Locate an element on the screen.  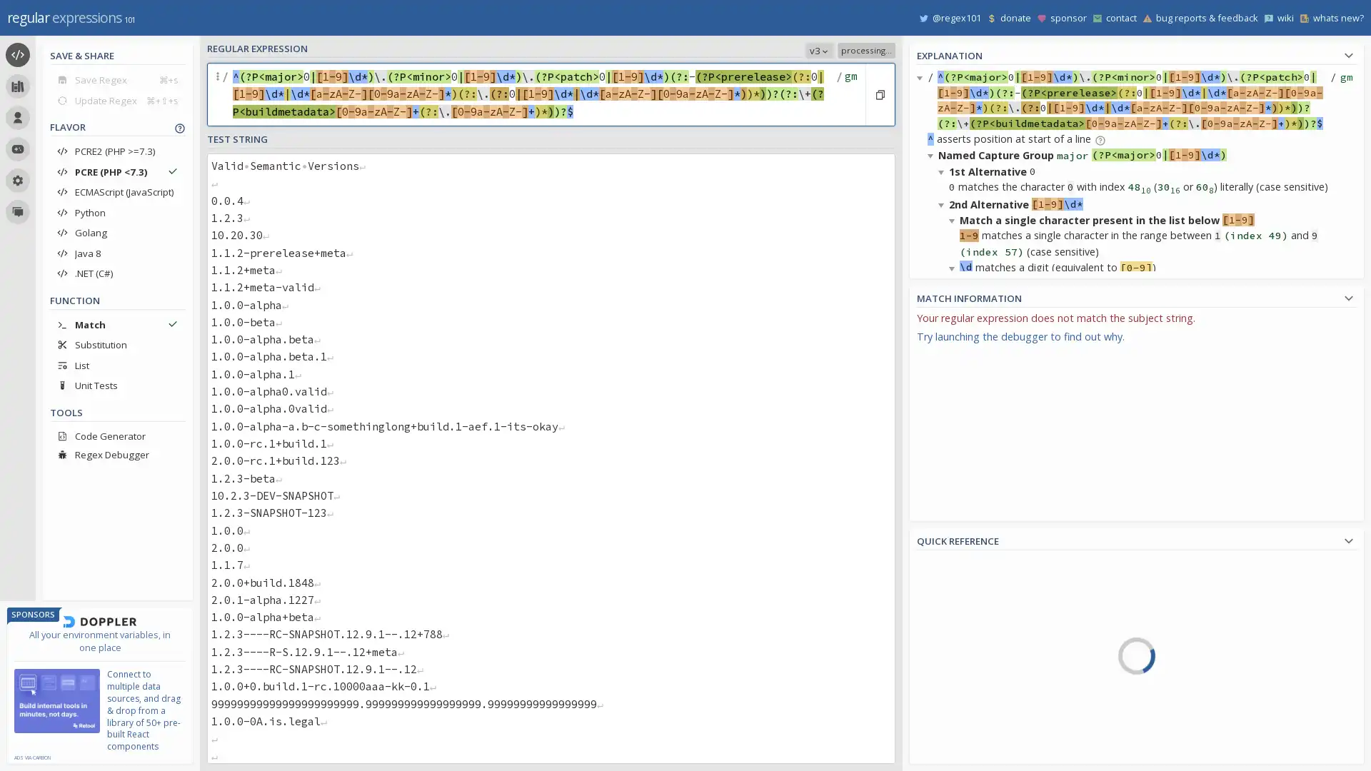
List is located at coordinates (117, 364).